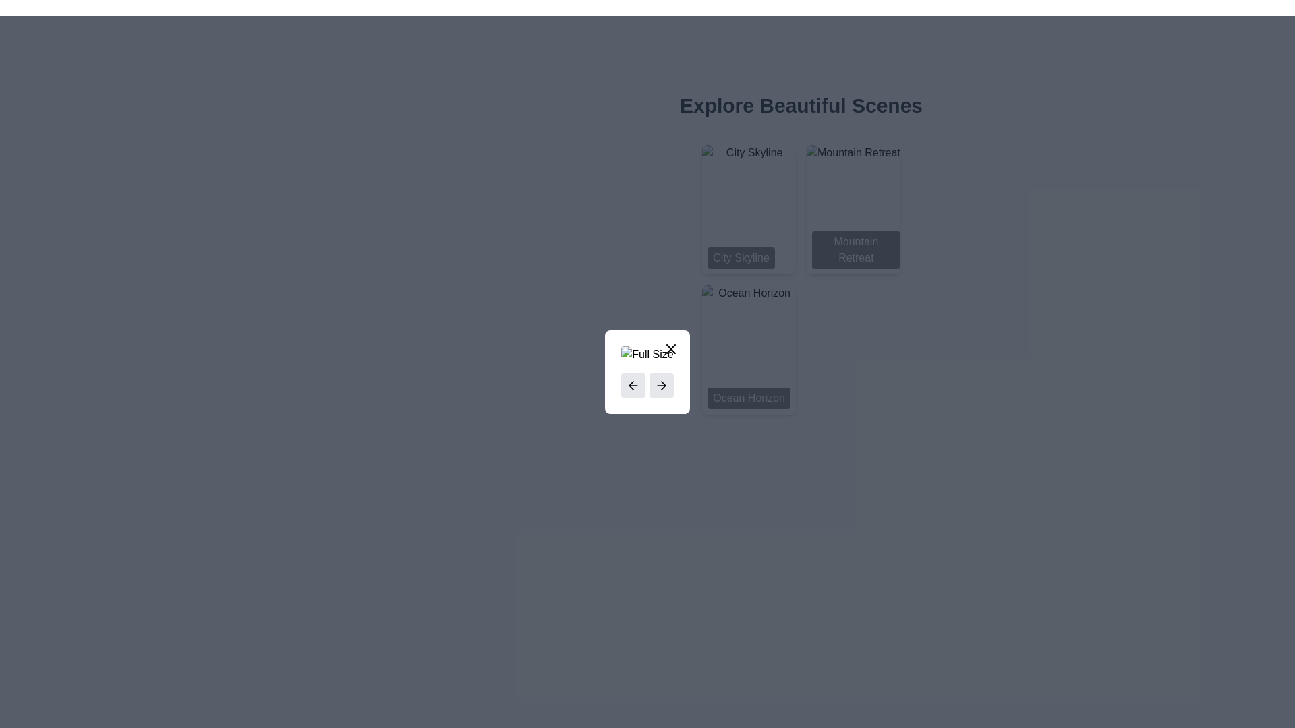 Image resolution: width=1295 pixels, height=728 pixels. What do you see at coordinates (647, 353) in the screenshot?
I see `the 'Full Size' image element displayed in a rectangular shape` at bounding box center [647, 353].